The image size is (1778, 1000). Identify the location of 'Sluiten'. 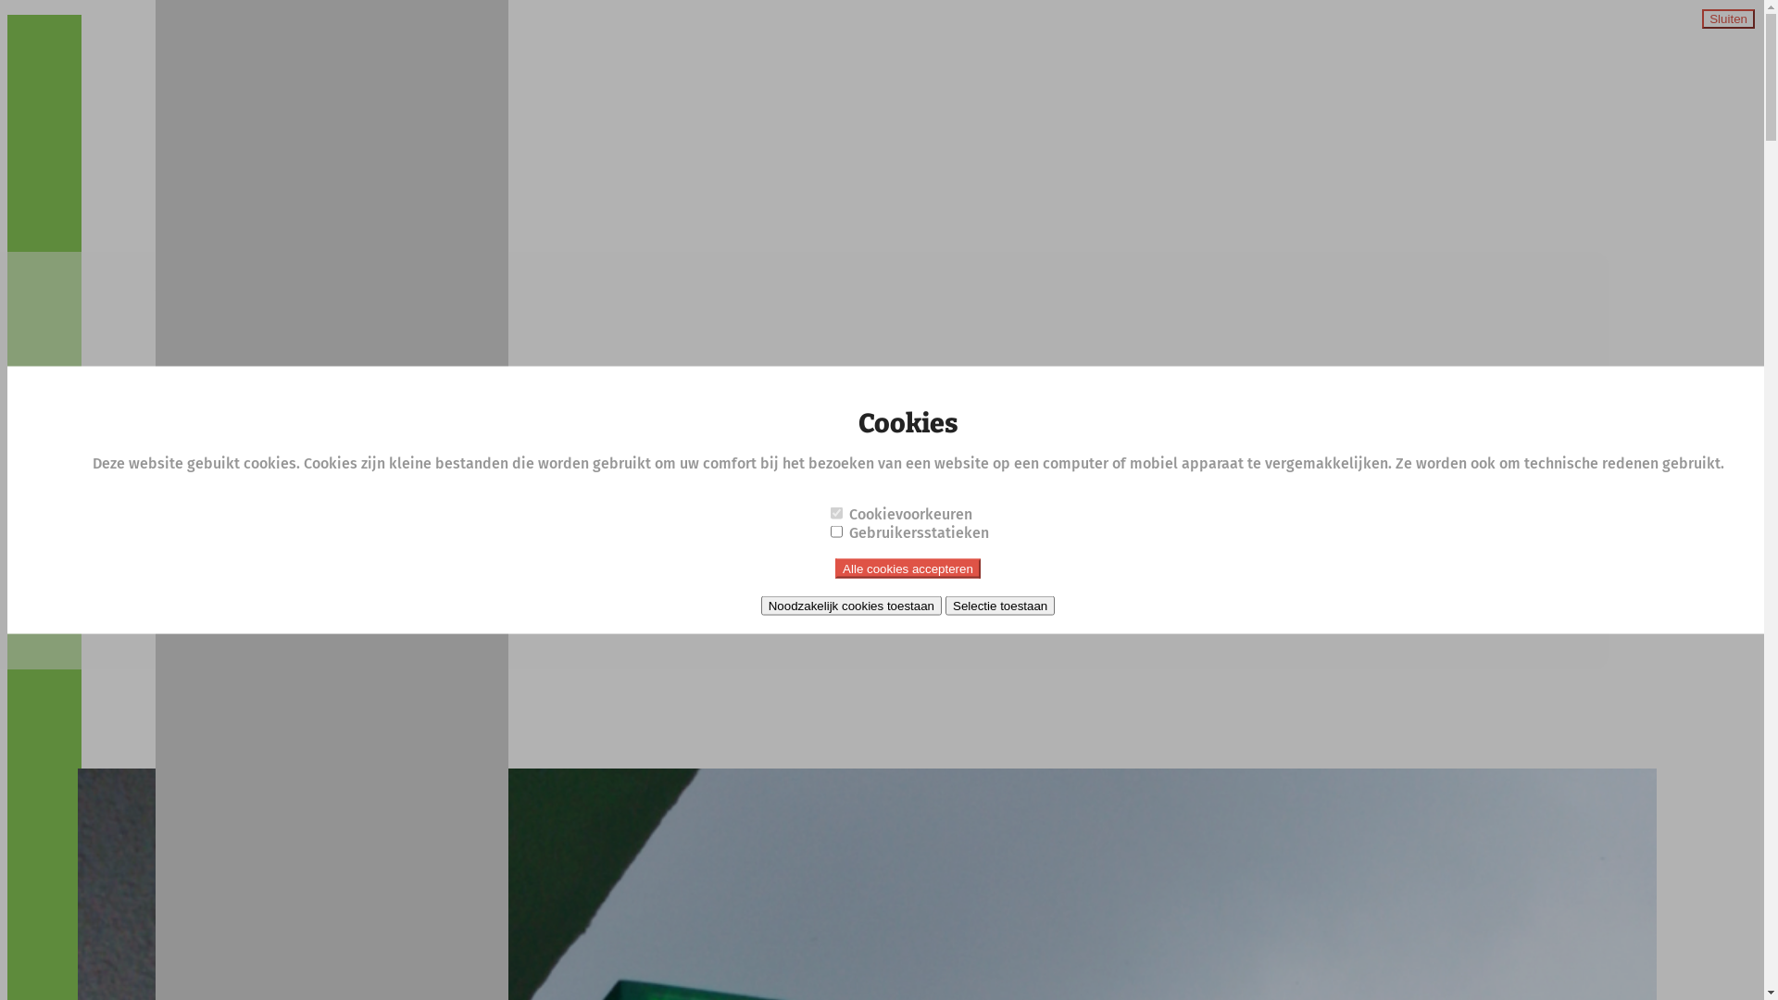
(1702, 19).